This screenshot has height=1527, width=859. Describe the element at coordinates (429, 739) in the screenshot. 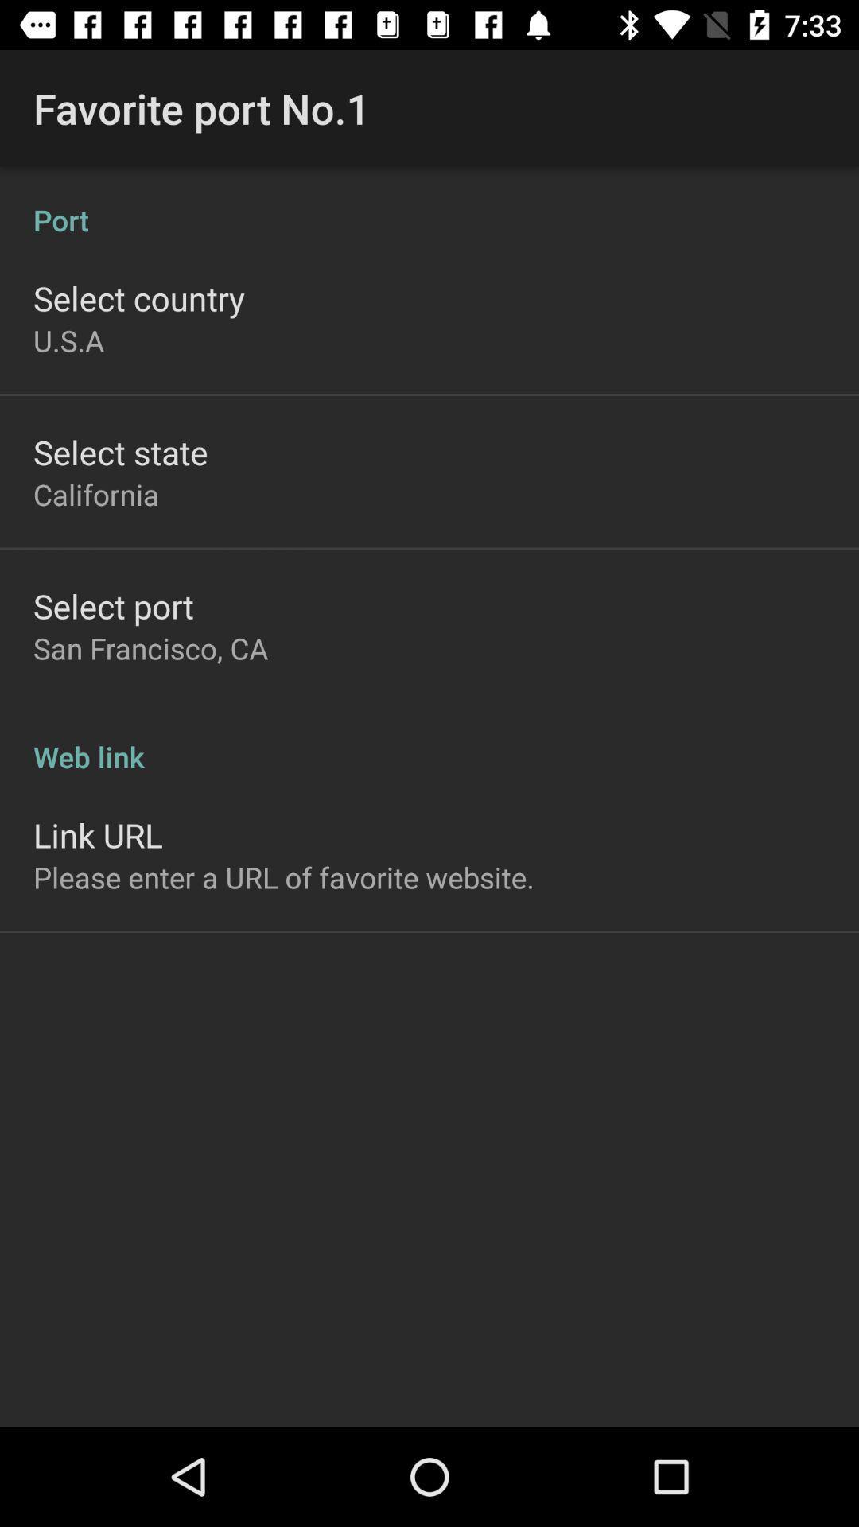

I see `the icon below san francisco, ca item` at that location.